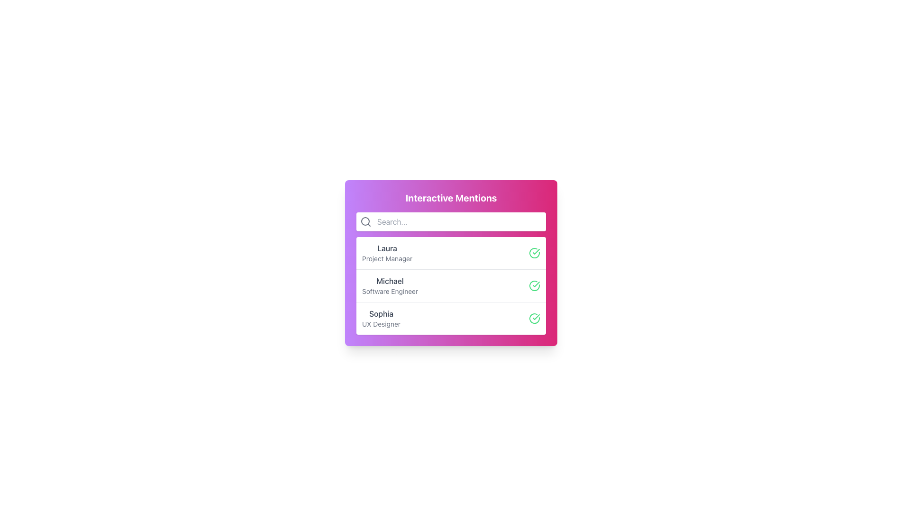  What do you see at coordinates (365, 221) in the screenshot?
I see `the circular element within the magnifying glass icon located to the left of the search input field on the card component` at bounding box center [365, 221].